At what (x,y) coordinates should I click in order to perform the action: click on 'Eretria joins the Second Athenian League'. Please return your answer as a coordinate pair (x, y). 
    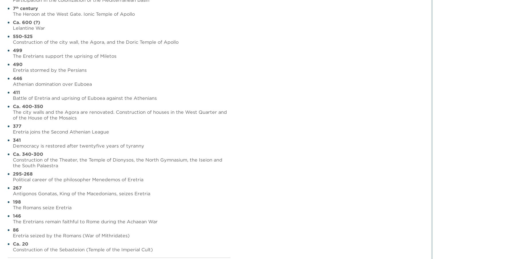
    Looking at the image, I should click on (61, 131).